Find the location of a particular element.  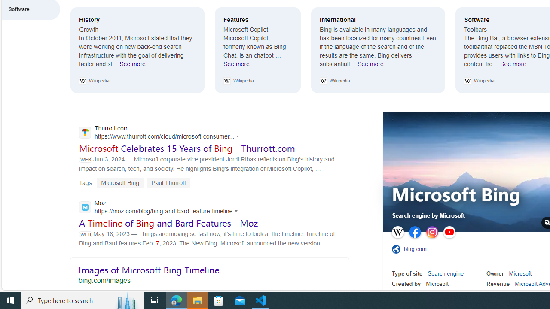

'See more Features' is located at coordinates (236, 66).